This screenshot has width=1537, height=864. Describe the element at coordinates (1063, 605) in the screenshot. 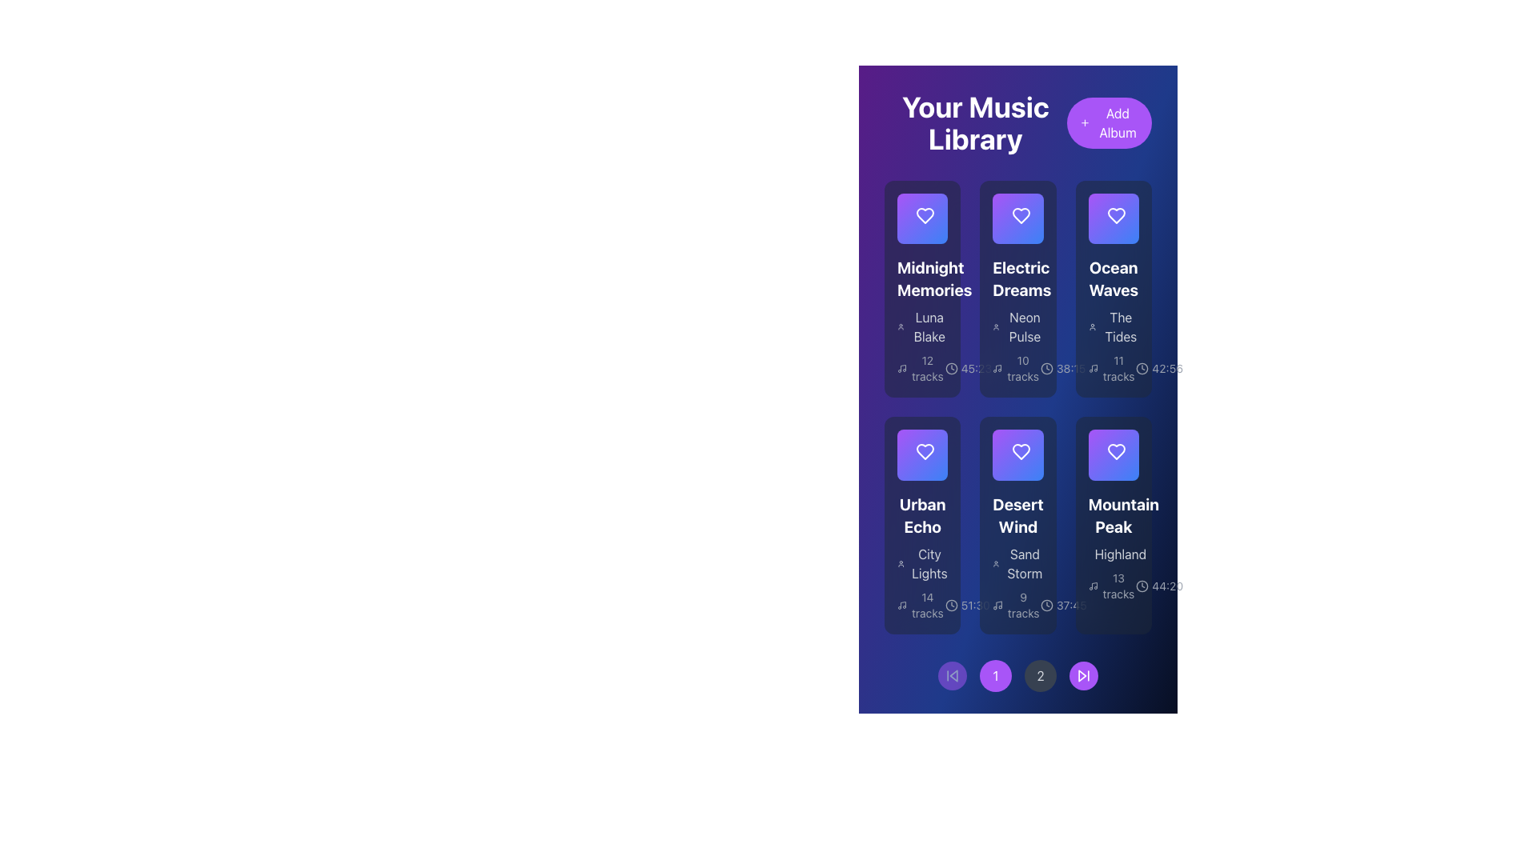

I see `the informational text and icon combination displaying the total duration of tracks` at that location.